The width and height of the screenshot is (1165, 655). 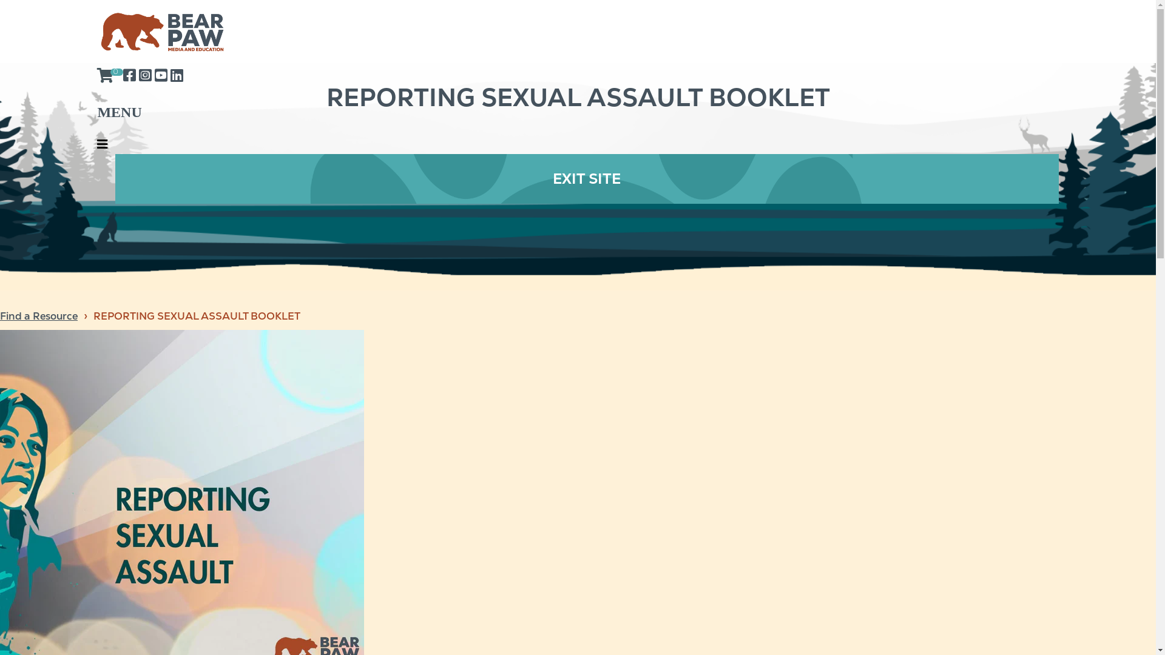 What do you see at coordinates (38, 315) in the screenshot?
I see `'Find a Resource'` at bounding box center [38, 315].